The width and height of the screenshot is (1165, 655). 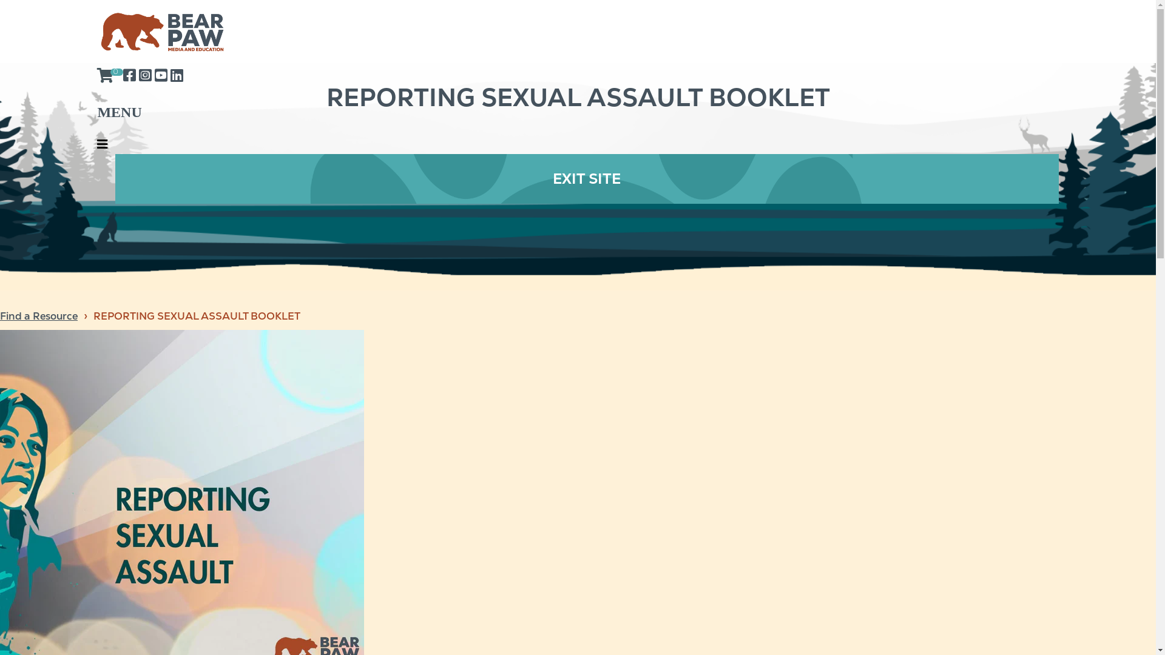 What do you see at coordinates (38, 315) in the screenshot?
I see `'Find a Resource'` at bounding box center [38, 315].